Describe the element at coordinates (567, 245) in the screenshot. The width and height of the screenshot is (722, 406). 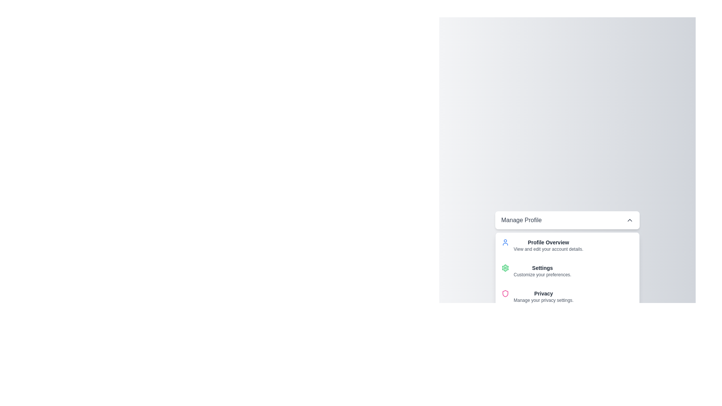
I see `the 'Profile Overview' button located at the top of the 'Manage Profile' section` at that location.